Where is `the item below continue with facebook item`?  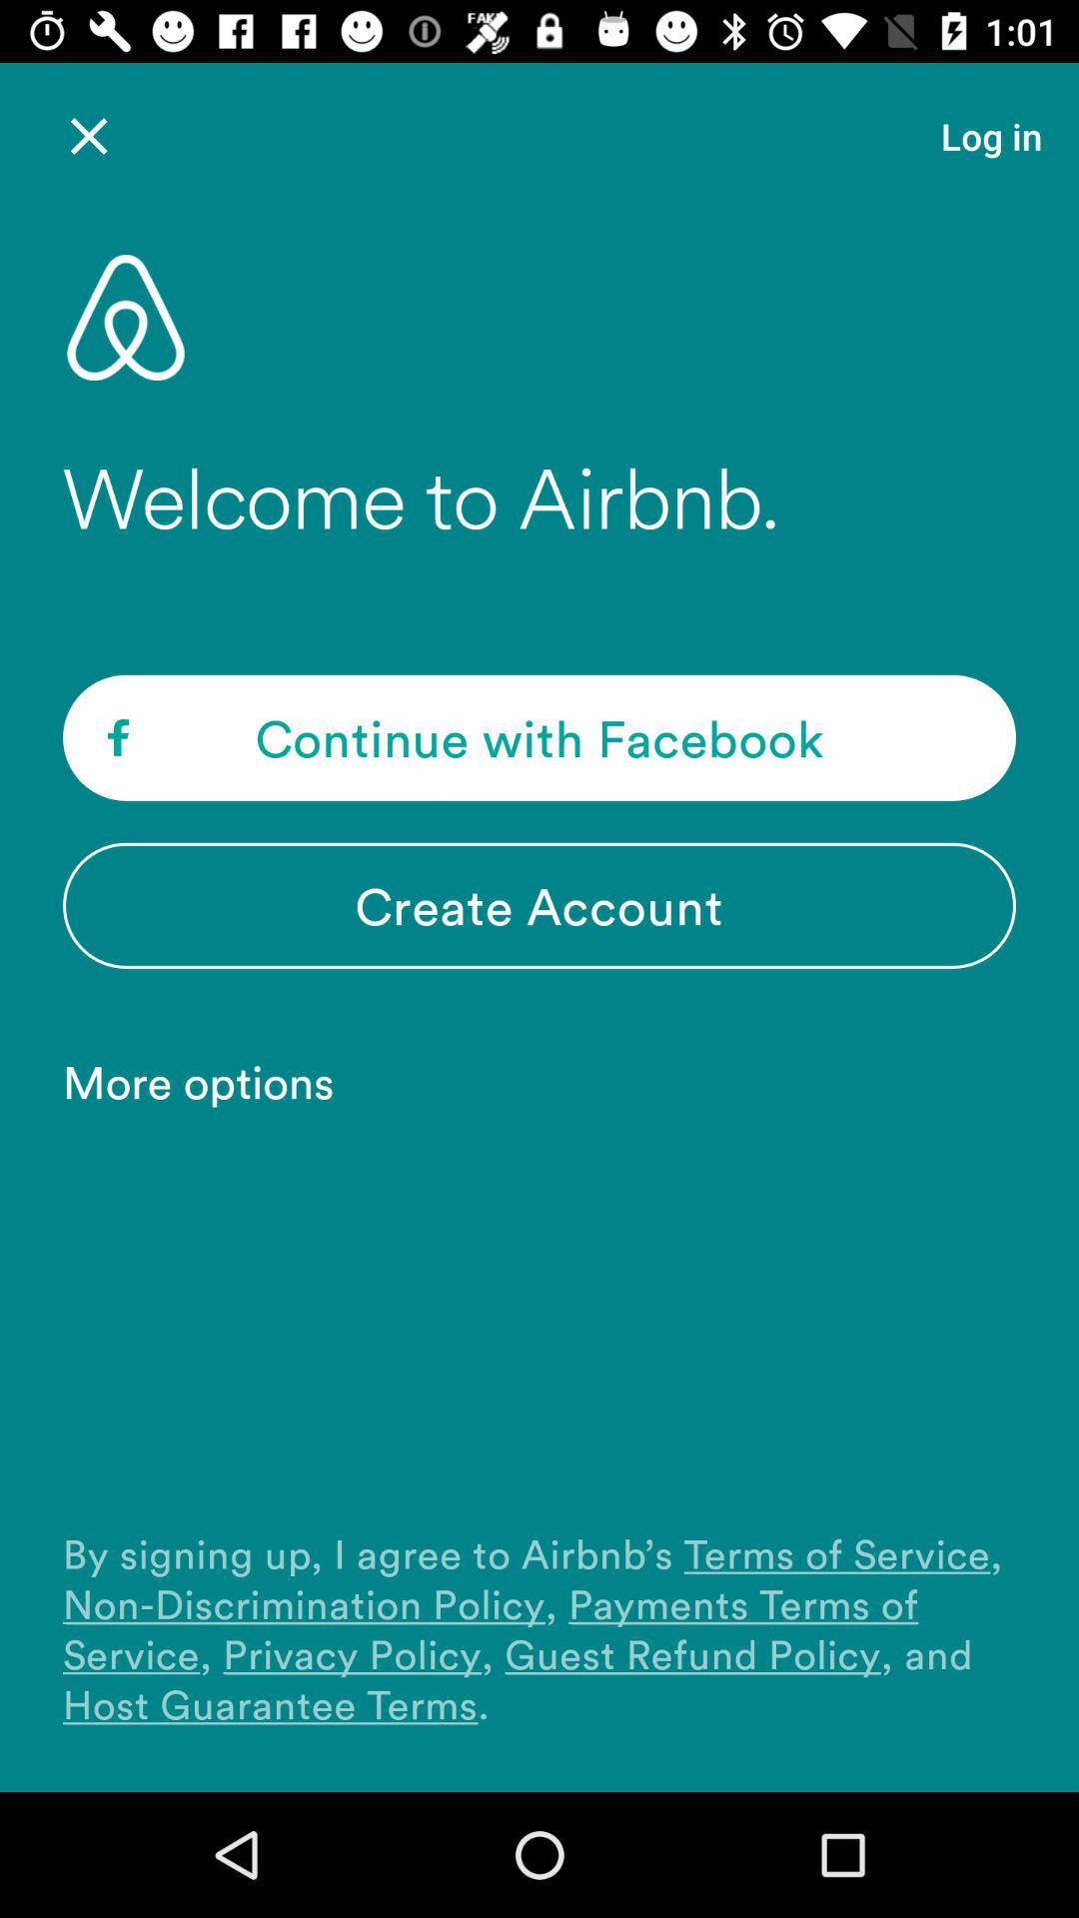
the item below continue with facebook item is located at coordinates (539, 904).